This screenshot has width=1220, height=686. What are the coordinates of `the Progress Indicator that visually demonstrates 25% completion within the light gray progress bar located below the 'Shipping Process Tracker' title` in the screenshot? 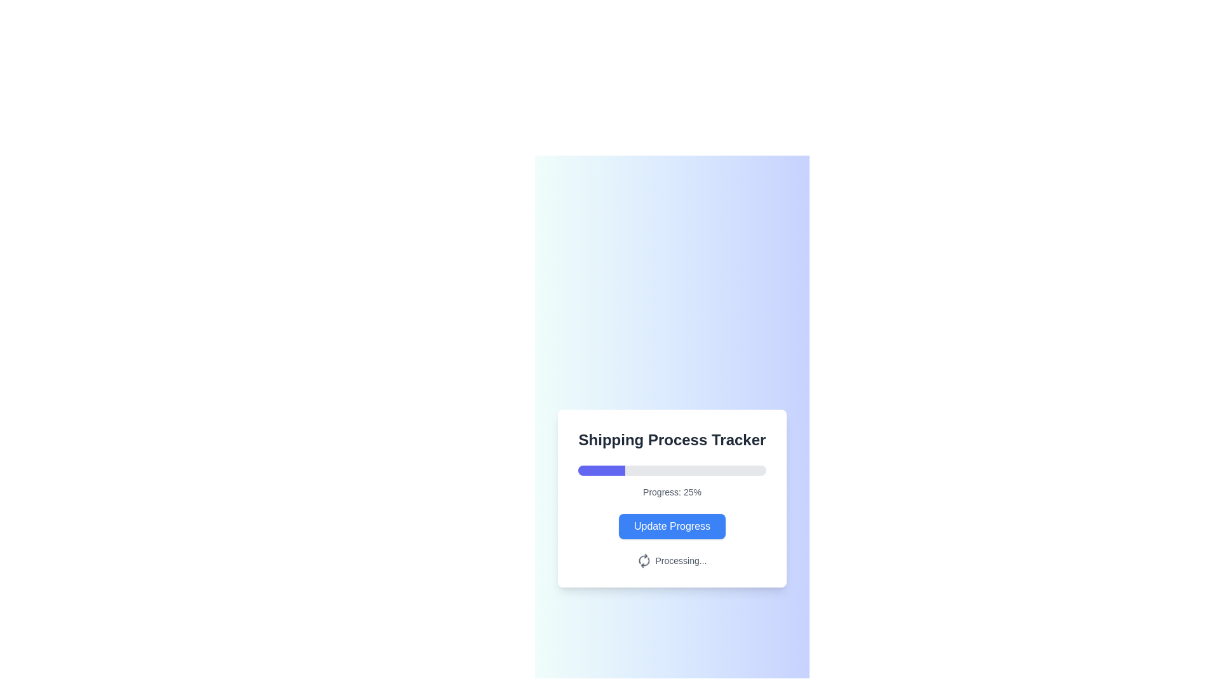 It's located at (600, 470).